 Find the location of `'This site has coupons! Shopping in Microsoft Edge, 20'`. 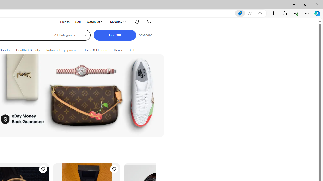

'This site has coupons! Shopping in Microsoft Edge, 20' is located at coordinates (240, 13).